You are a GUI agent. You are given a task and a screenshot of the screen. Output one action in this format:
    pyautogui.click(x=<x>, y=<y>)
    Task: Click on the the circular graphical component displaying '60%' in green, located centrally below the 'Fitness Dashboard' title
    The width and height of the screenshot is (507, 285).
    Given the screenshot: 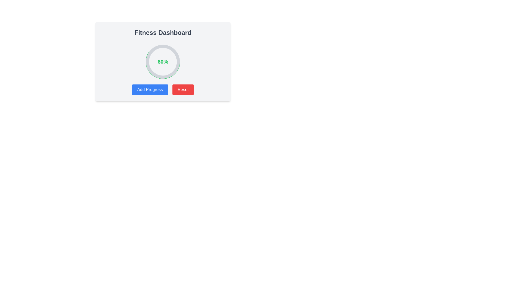 What is the action you would take?
    pyautogui.click(x=163, y=61)
    